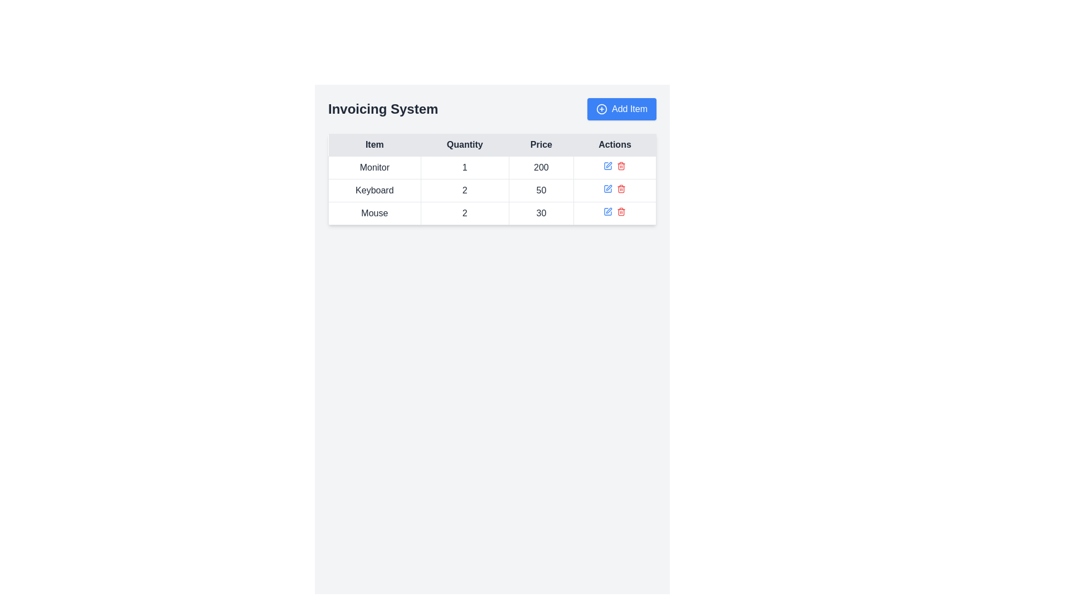 This screenshot has height=602, width=1070. I want to click on the '+' icon on the leftmost part of the 'Add Item' button, so click(601, 109).